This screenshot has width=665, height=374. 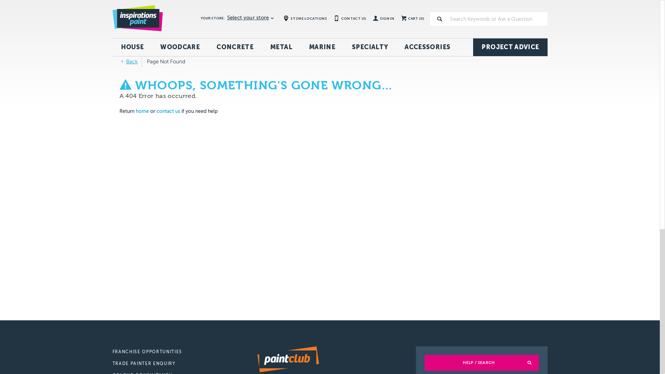 I want to click on 'PROJECT ADVICE', so click(x=510, y=47).